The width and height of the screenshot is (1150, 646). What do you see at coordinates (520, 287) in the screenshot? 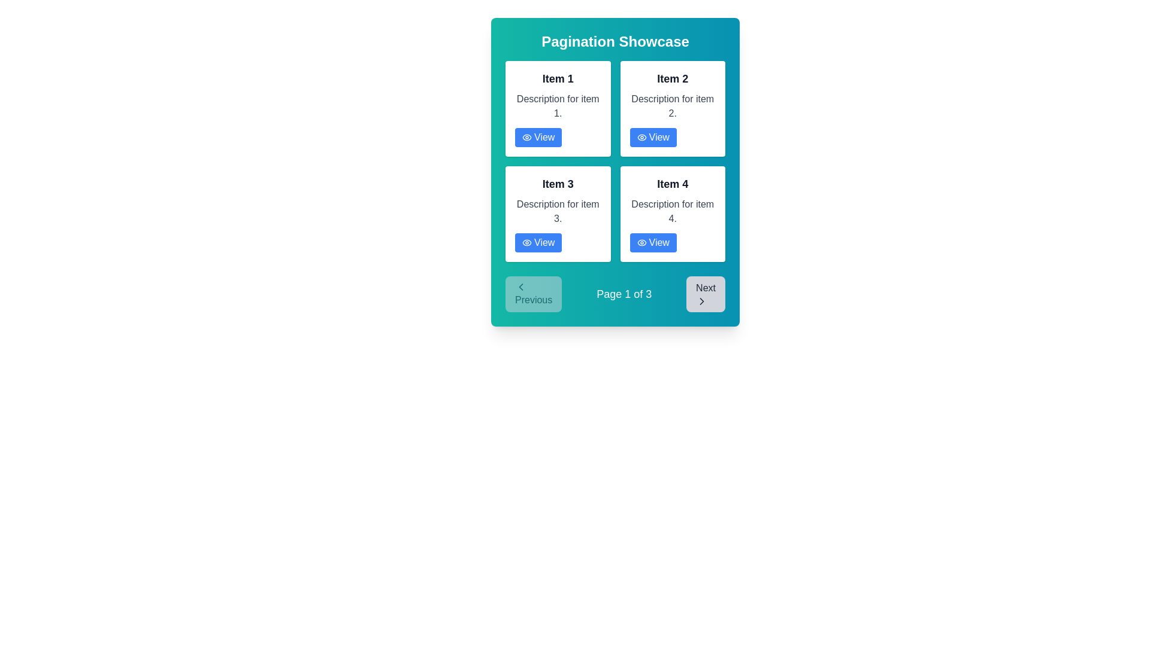
I see `the left-facing chevron arrow icon that indicates the 'Previous' navigation button located in the lower-left corner of the pagination interface` at bounding box center [520, 287].